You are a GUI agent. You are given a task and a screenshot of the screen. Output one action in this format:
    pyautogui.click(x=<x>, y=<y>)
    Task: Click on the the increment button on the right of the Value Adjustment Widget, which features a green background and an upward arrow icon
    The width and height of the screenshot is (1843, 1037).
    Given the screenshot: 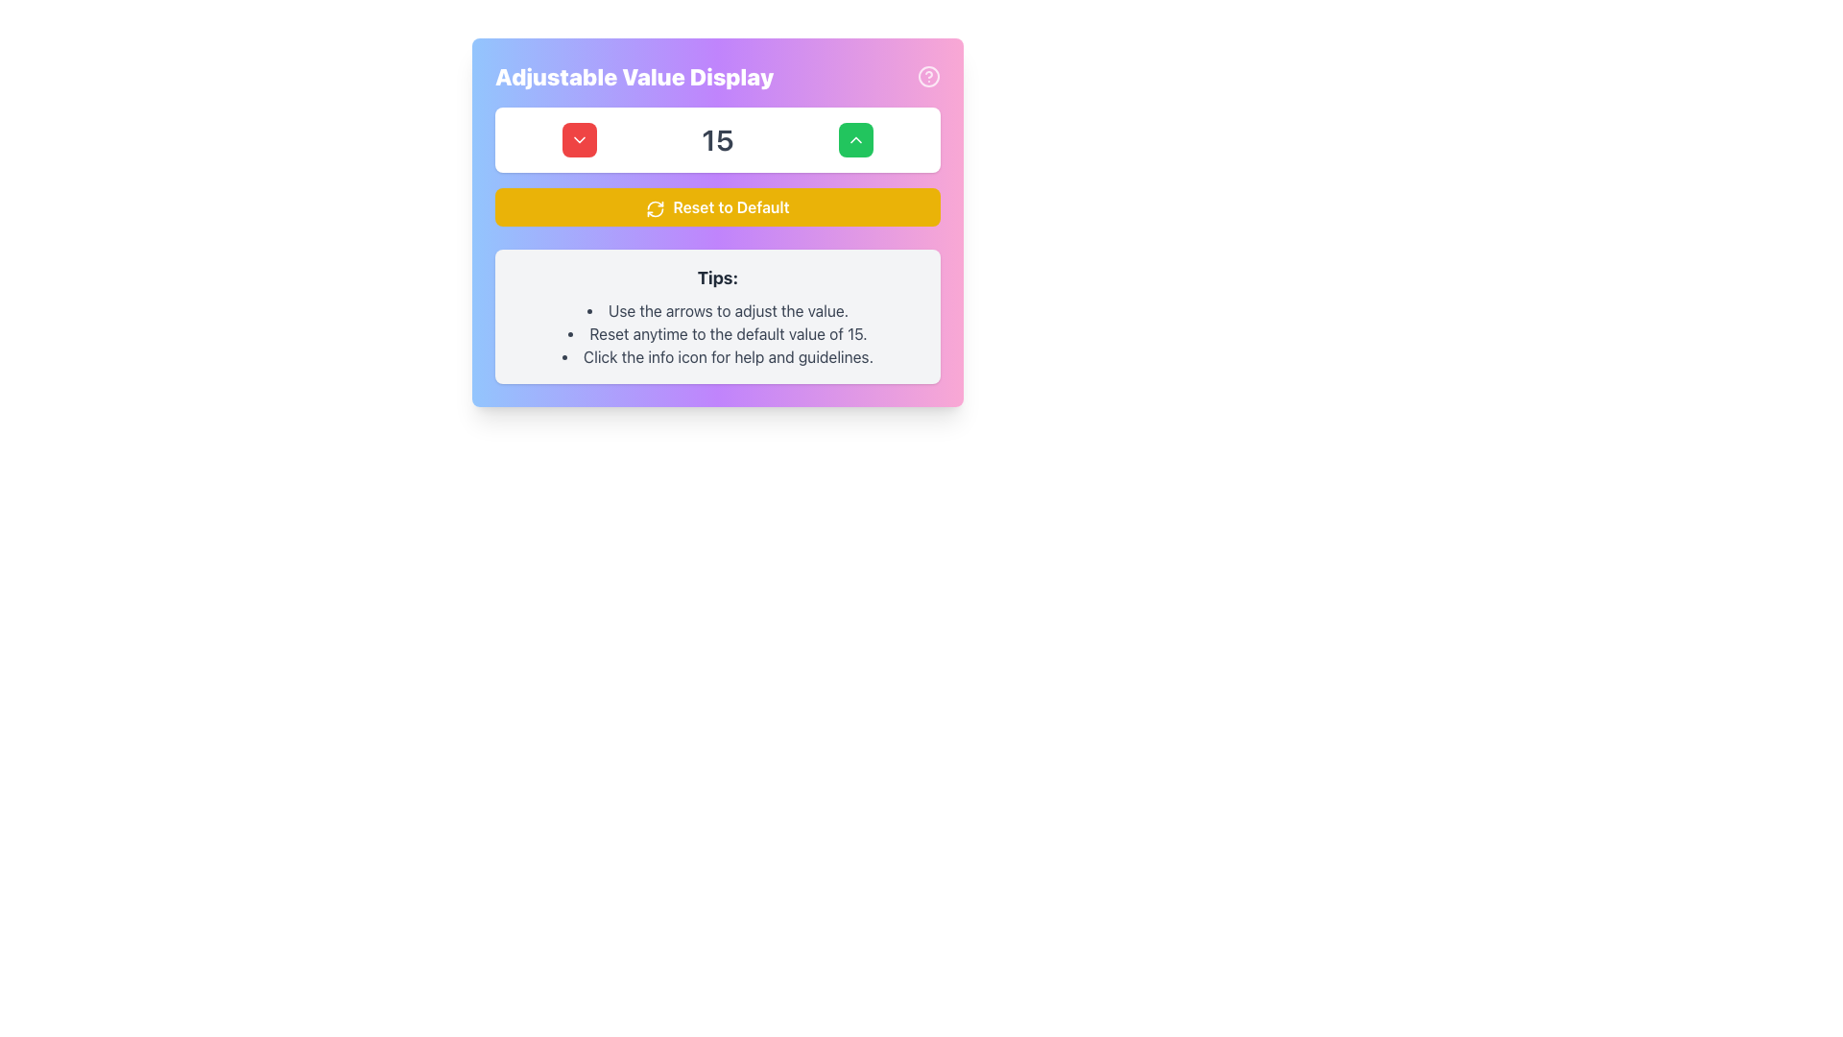 What is the action you would take?
    pyautogui.click(x=717, y=139)
    